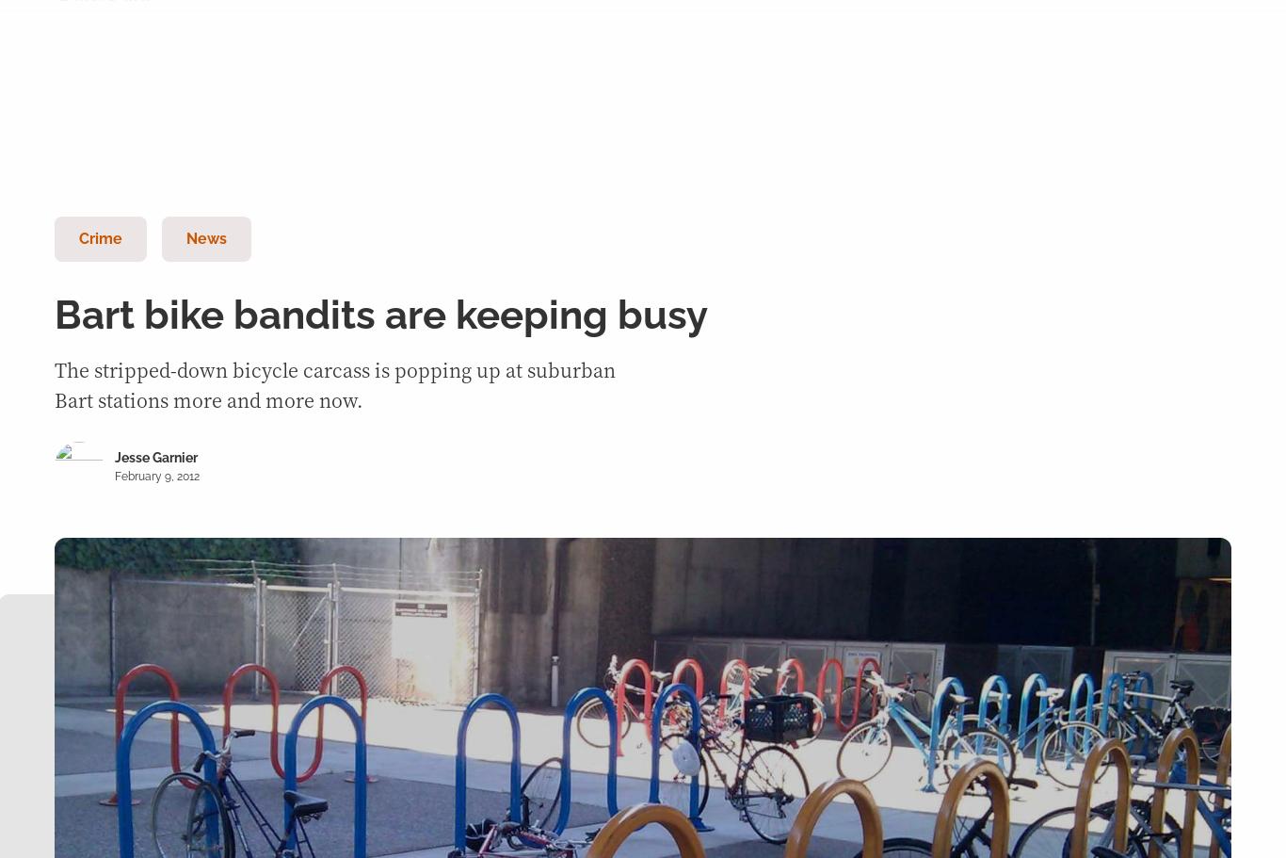  Describe the element at coordinates (231, 120) in the screenshot. I see `'Search the site...'` at that location.